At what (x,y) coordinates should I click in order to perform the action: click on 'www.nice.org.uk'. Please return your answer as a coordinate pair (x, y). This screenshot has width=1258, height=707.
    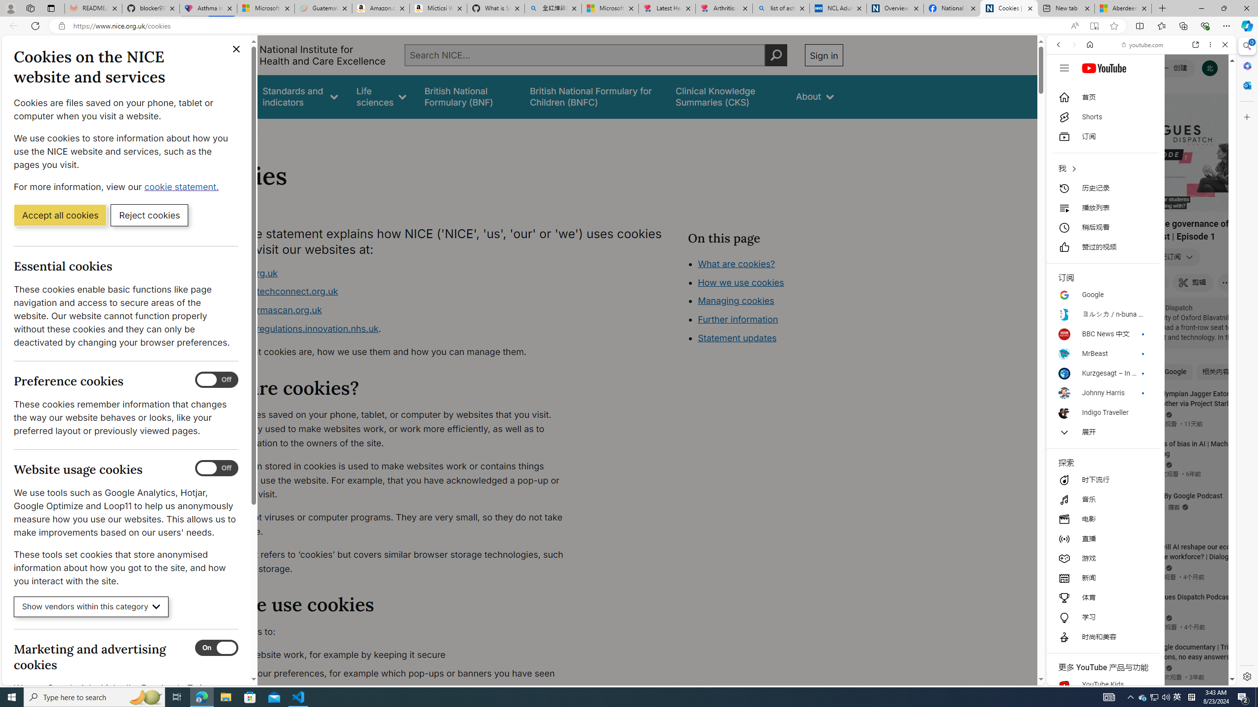
    Looking at the image, I should click on (242, 272).